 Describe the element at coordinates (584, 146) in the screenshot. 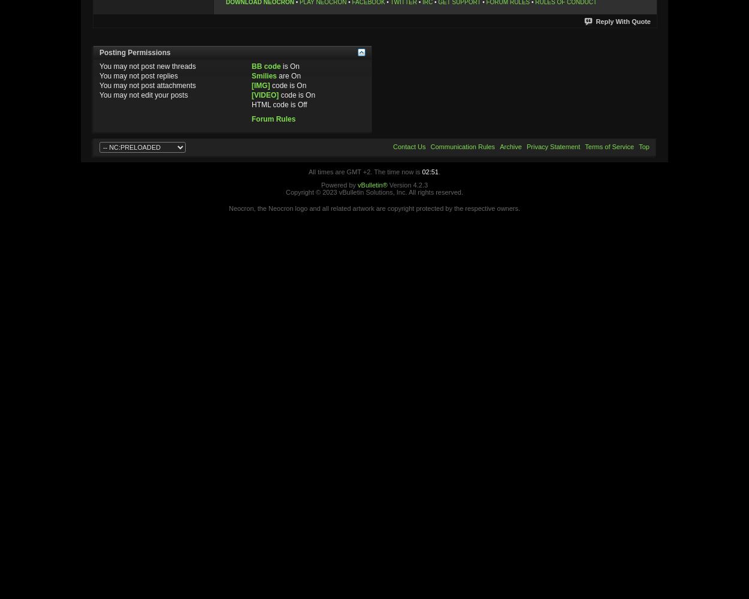

I see `'Terms of Service'` at that location.